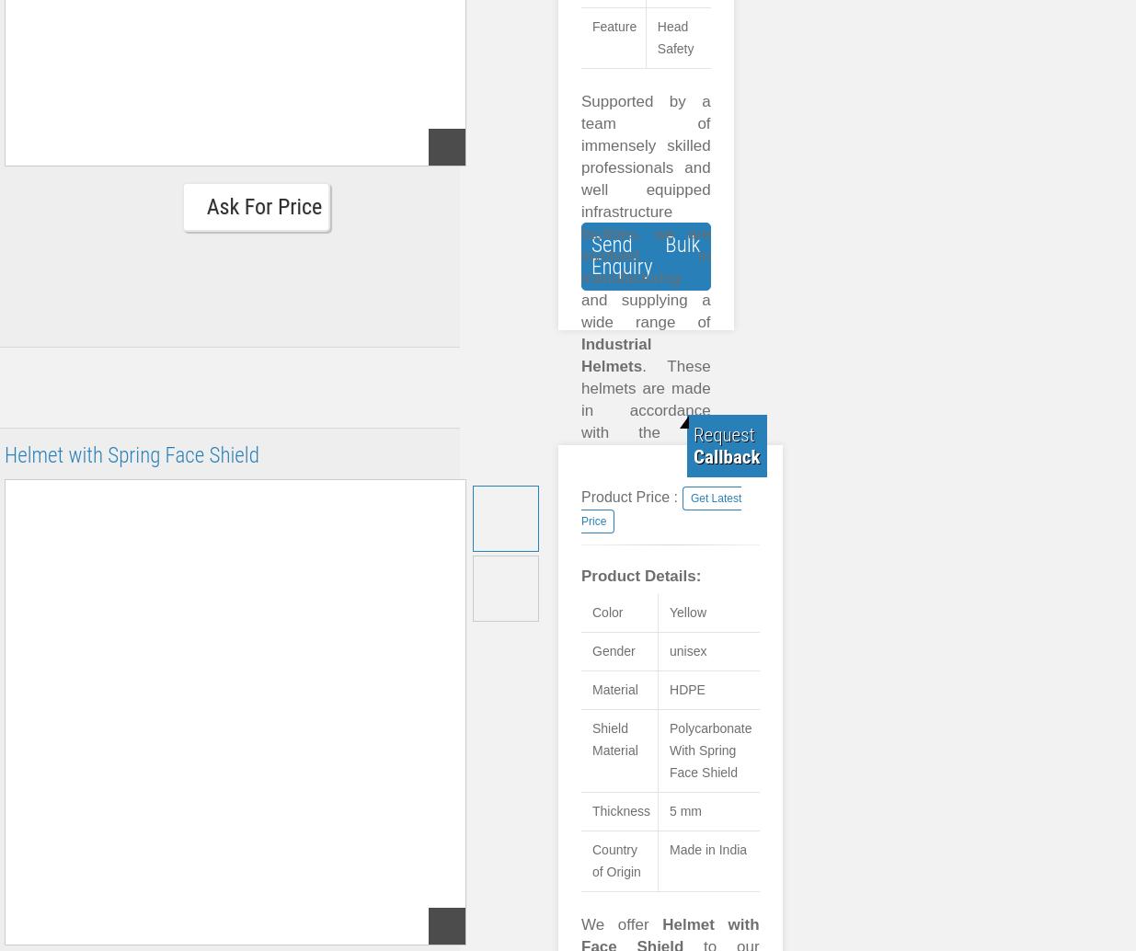 The image size is (1136, 951). Describe the element at coordinates (727, 456) in the screenshot. I see `'Callback'` at that location.